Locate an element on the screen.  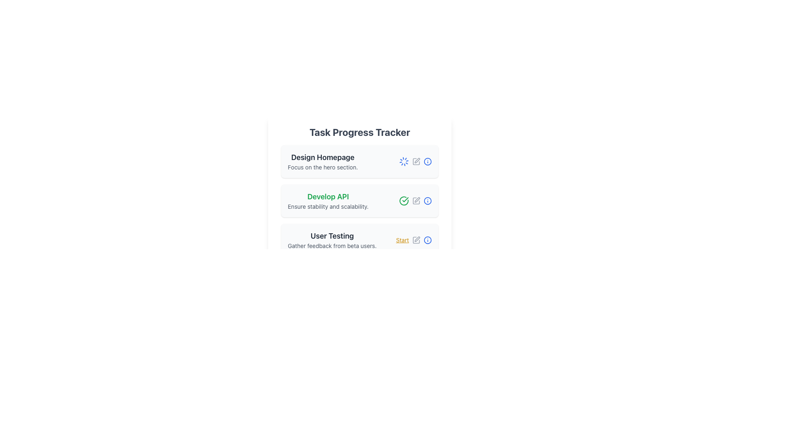
the pen icon button located to the right of the green checkmark icon is located at coordinates (417, 239).